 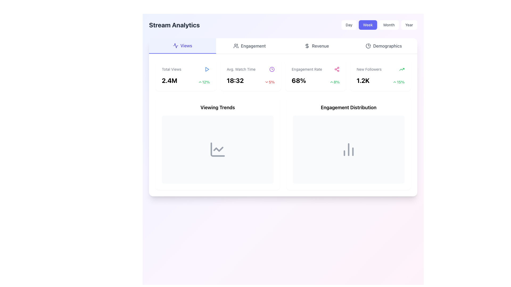 What do you see at coordinates (363, 81) in the screenshot?
I see `numerical value displayed in the Text Label that indicates the quantity of new followers located at the top-right of the dashboard under the 'New Followers' header` at bounding box center [363, 81].